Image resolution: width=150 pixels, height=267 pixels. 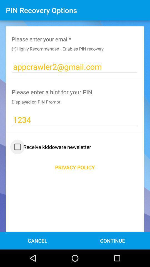 I want to click on the privacy policy, so click(x=75, y=167).